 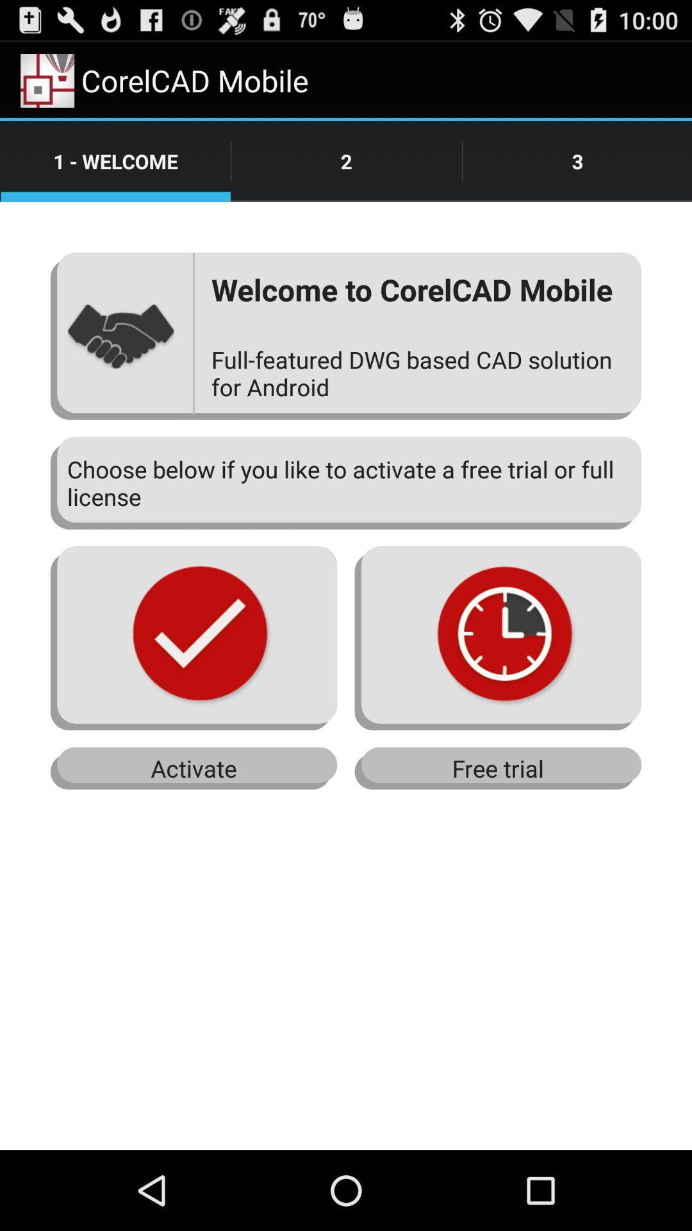 What do you see at coordinates (194, 638) in the screenshot?
I see `tap on the box shown above activate` at bounding box center [194, 638].